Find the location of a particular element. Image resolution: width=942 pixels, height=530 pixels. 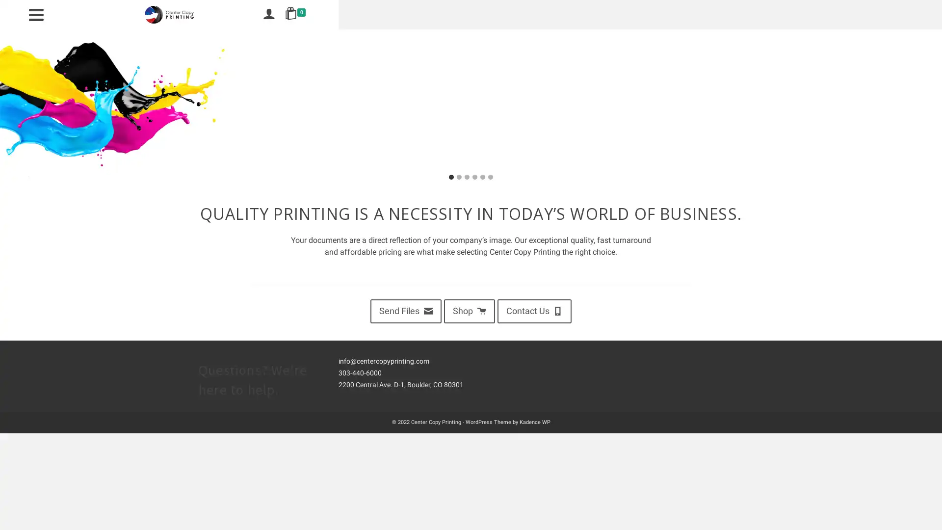

Go to slide 1 is located at coordinates (450, 240).